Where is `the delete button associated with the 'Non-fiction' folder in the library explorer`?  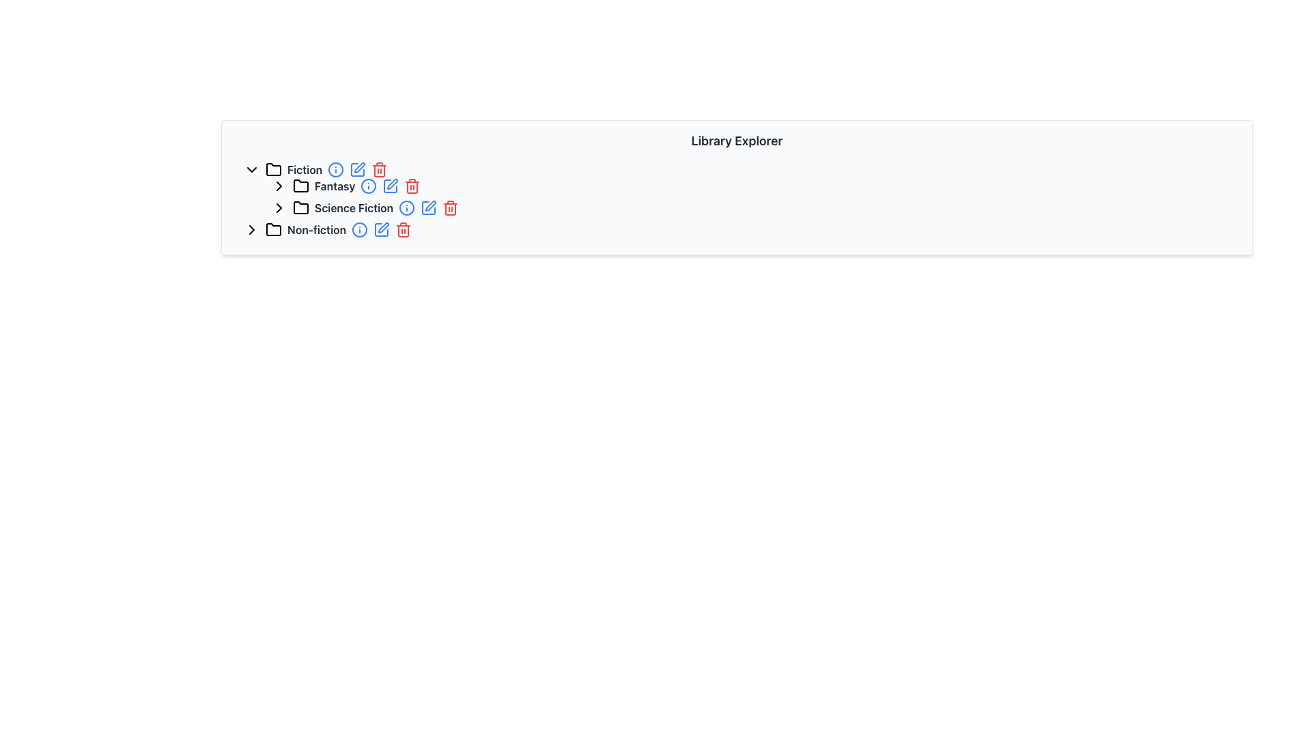 the delete button associated with the 'Non-fiction' folder in the library explorer is located at coordinates (402, 229).